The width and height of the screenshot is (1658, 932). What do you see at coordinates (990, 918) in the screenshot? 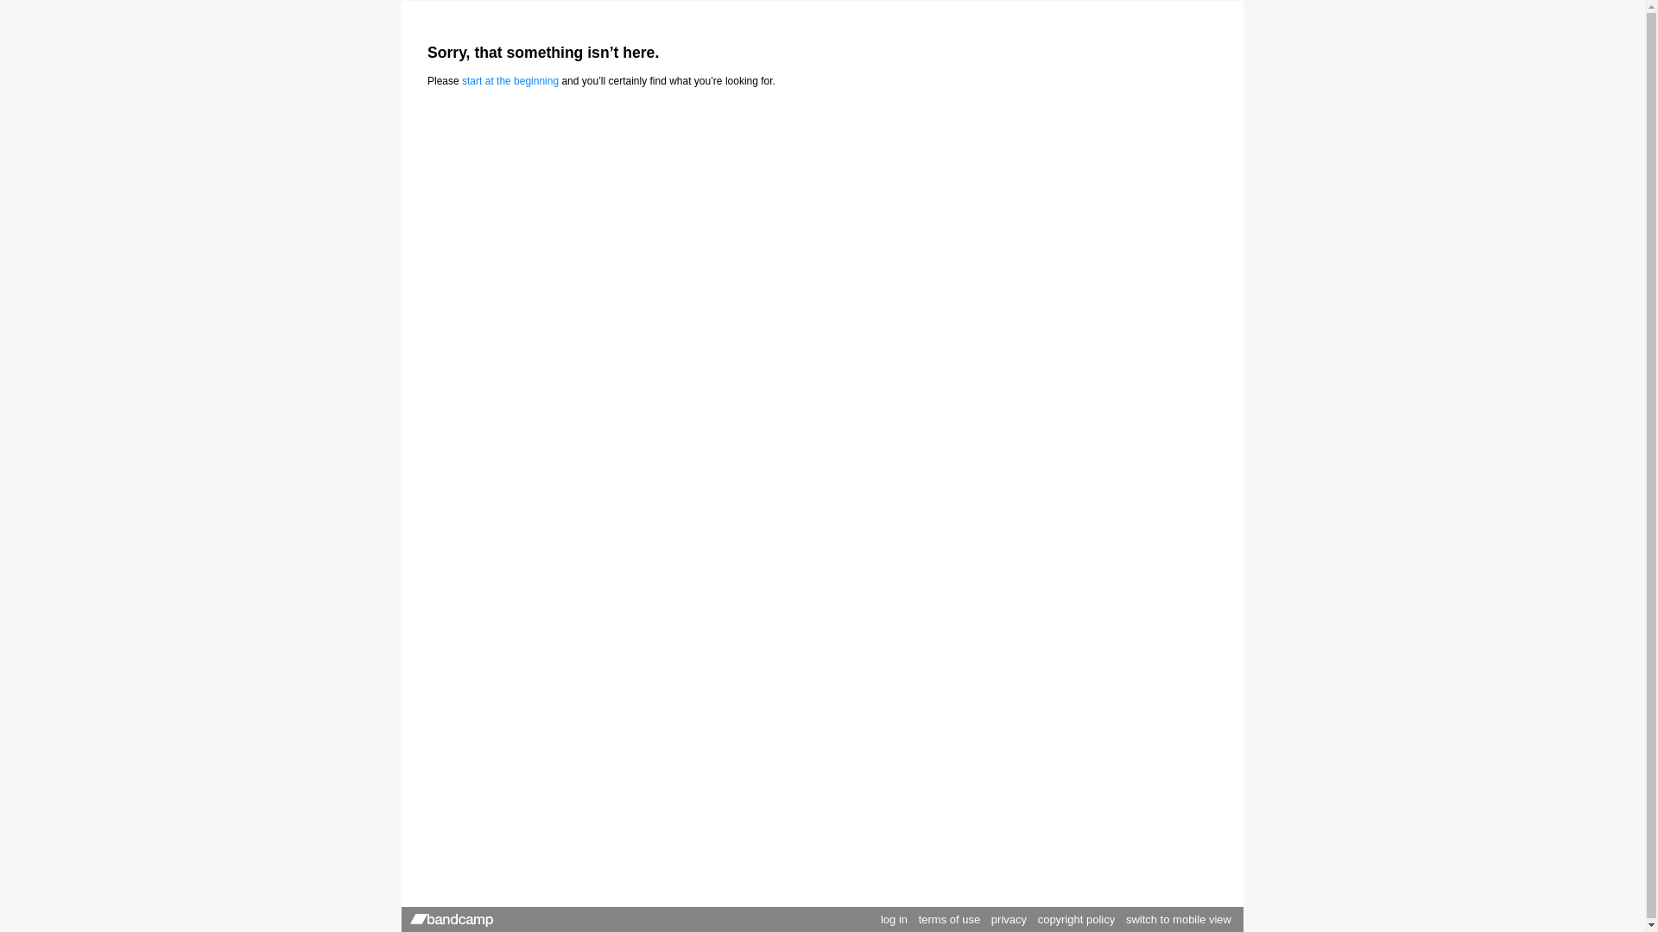
I see `'privacy'` at bounding box center [990, 918].